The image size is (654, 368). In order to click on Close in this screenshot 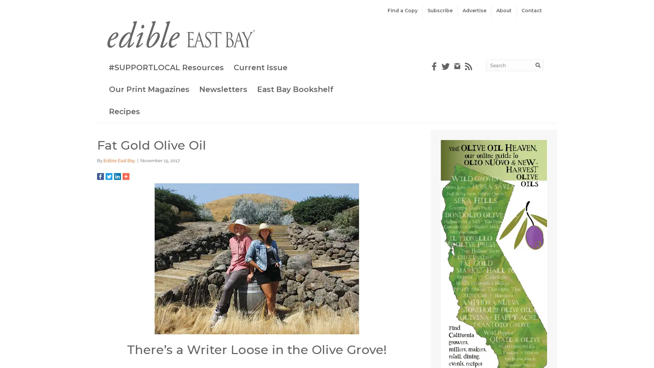, I will do `click(515, 42)`.